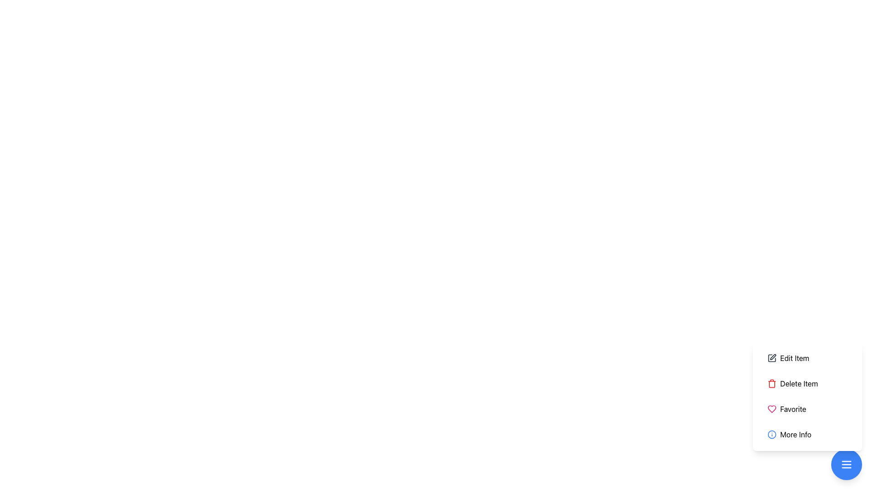  Describe the element at coordinates (772, 408) in the screenshot. I see `the pink heart-shaped icon in the dropdown menu` at that location.